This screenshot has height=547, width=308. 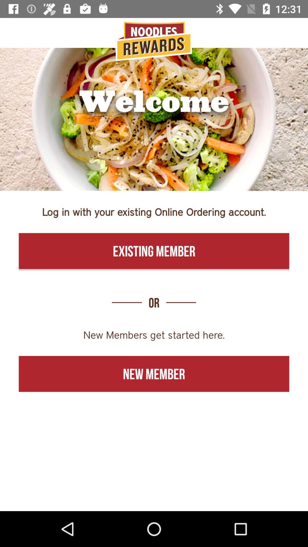 I want to click on the new member item, so click(x=154, y=374).